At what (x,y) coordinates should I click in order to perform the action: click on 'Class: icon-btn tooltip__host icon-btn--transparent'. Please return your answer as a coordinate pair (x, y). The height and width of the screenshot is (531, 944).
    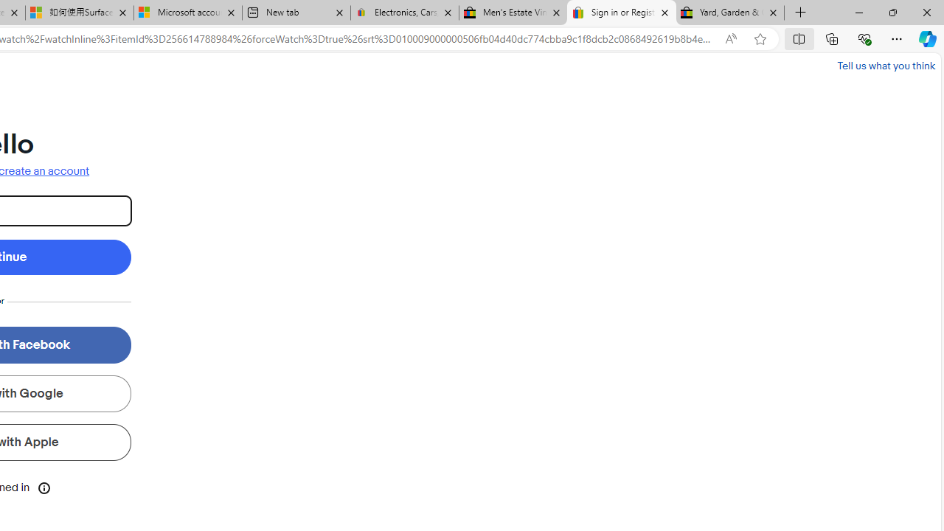
    Looking at the image, I should click on (44, 487).